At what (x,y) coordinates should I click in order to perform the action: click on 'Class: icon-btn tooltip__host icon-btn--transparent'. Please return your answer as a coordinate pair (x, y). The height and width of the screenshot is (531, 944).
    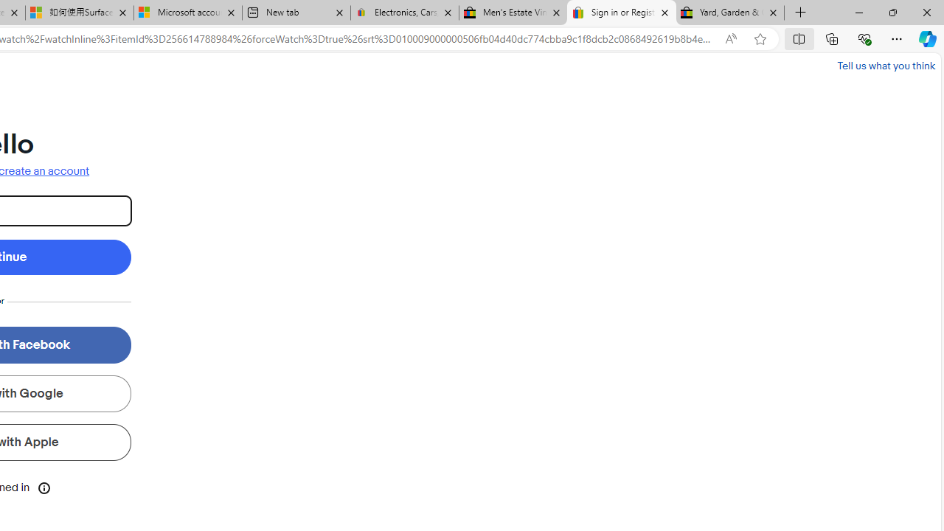
    Looking at the image, I should click on (44, 487).